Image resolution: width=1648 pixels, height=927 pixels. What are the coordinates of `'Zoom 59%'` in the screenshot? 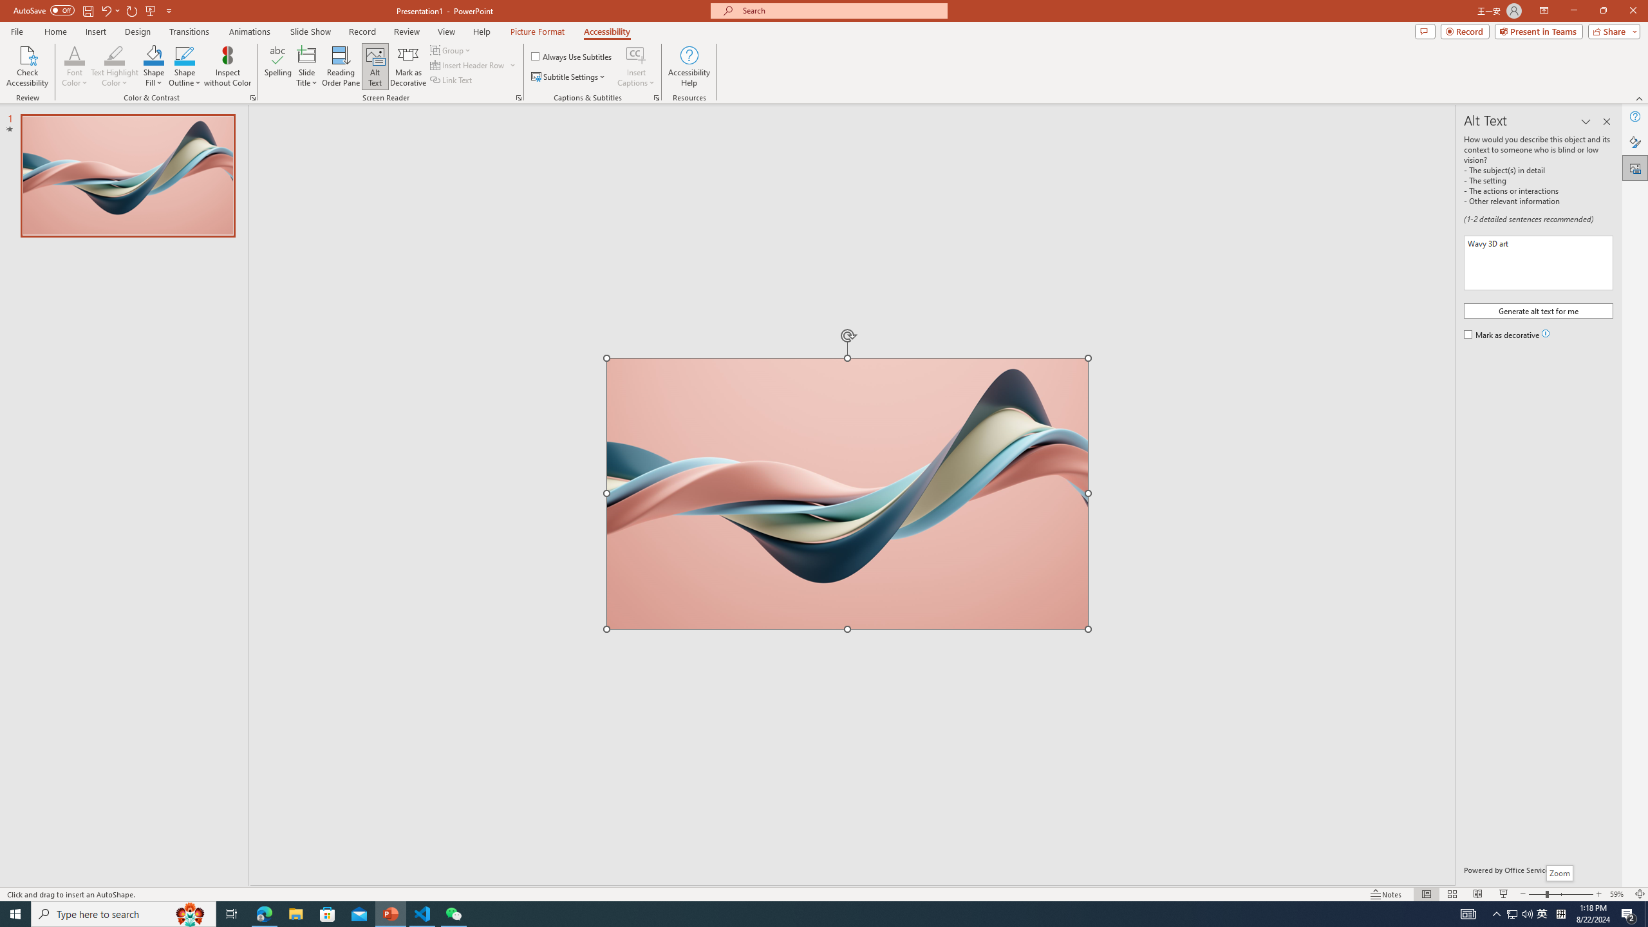 It's located at (1619, 894).